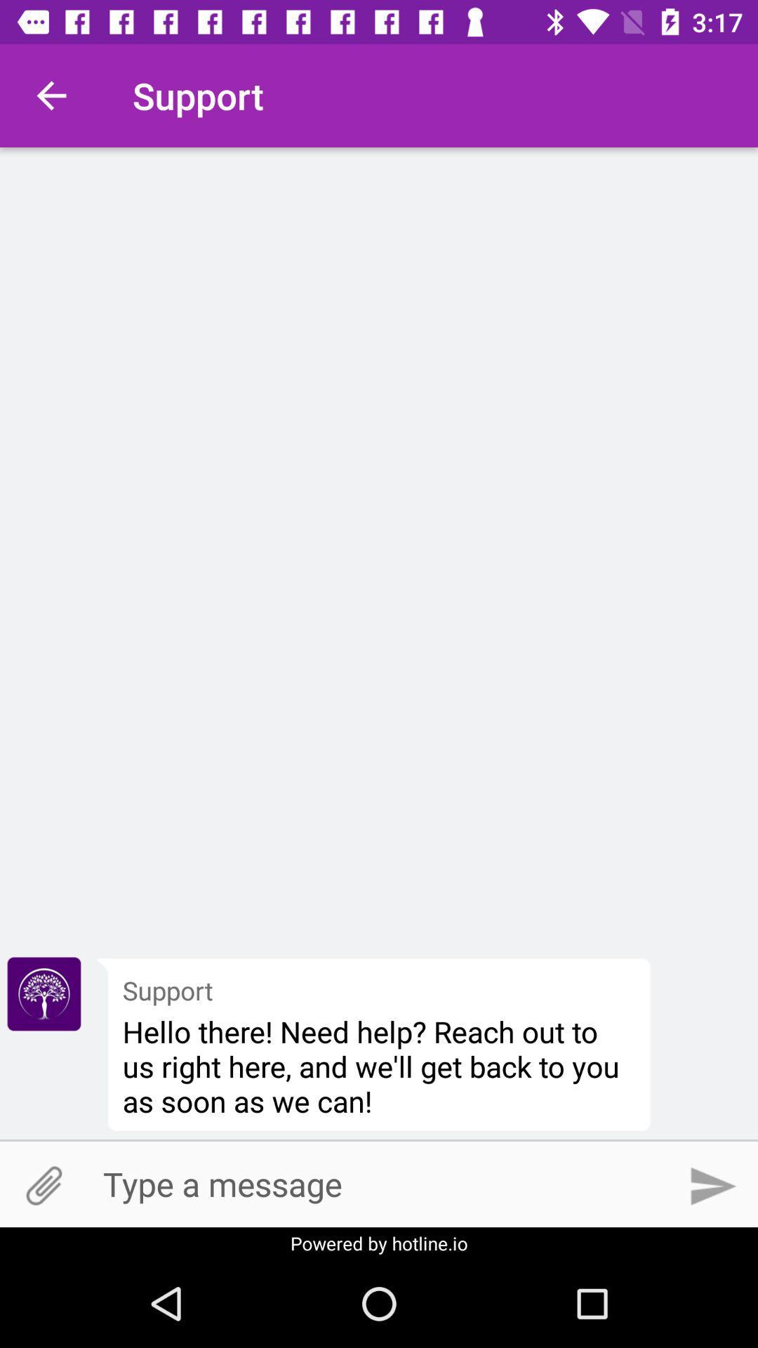 Image resolution: width=758 pixels, height=1348 pixels. Describe the element at coordinates (43, 1185) in the screenshot. I see `the attach_file icon` at that location.